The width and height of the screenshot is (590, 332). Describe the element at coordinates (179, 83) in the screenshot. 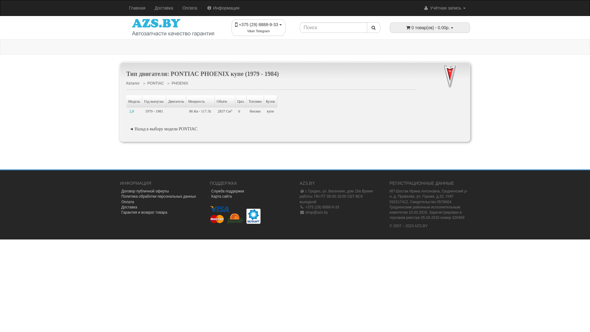

I see `'PHOENIX'` at that location.